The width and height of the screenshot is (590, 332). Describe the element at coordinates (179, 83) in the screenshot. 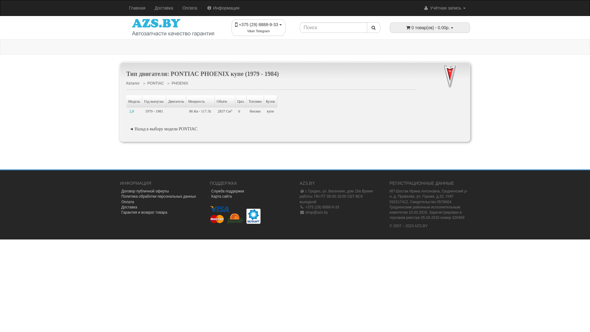

I see `'PHOENIX'` at that location.